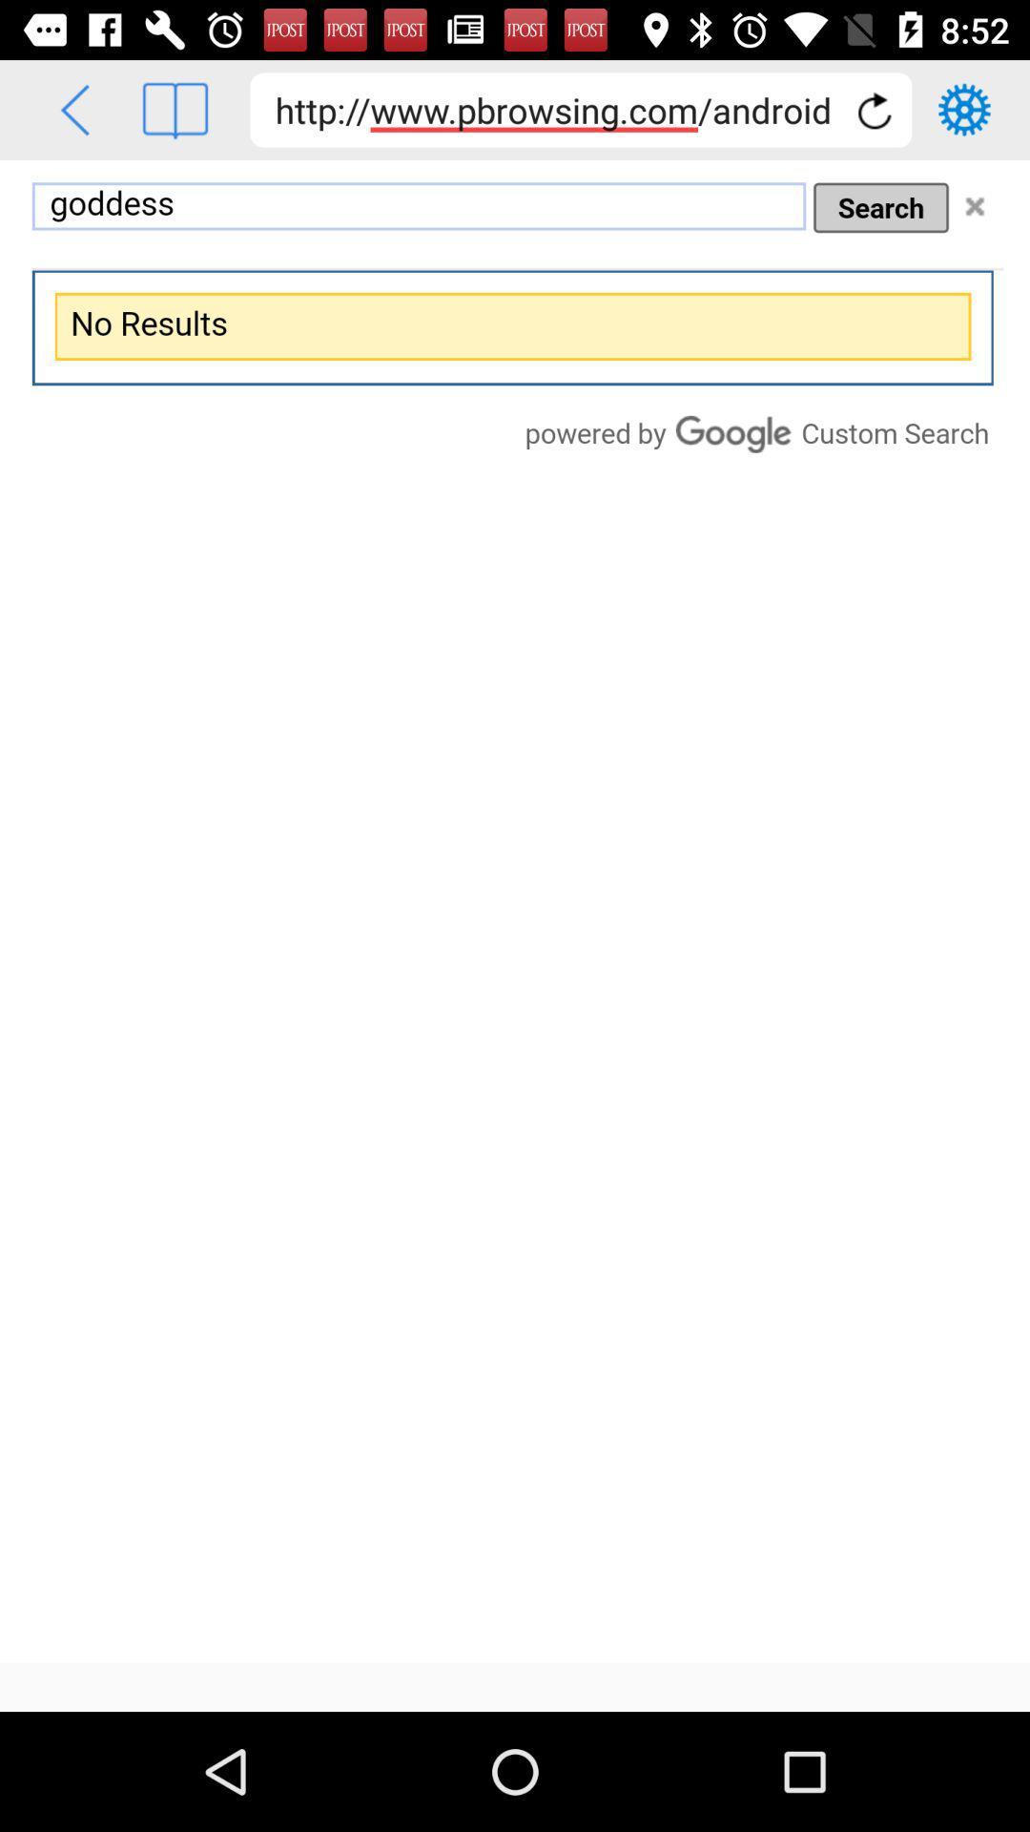 The image size is (1030, 1832). Describe the element at coordinates (964, 109) in the screenshot. I see `settings` at that location.